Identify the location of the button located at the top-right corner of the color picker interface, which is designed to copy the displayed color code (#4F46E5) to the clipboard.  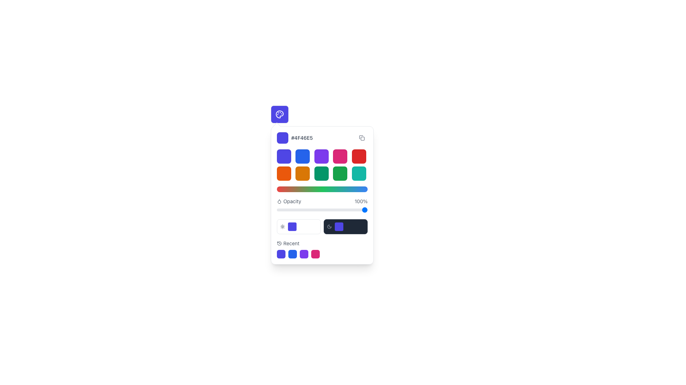
(362, 138).